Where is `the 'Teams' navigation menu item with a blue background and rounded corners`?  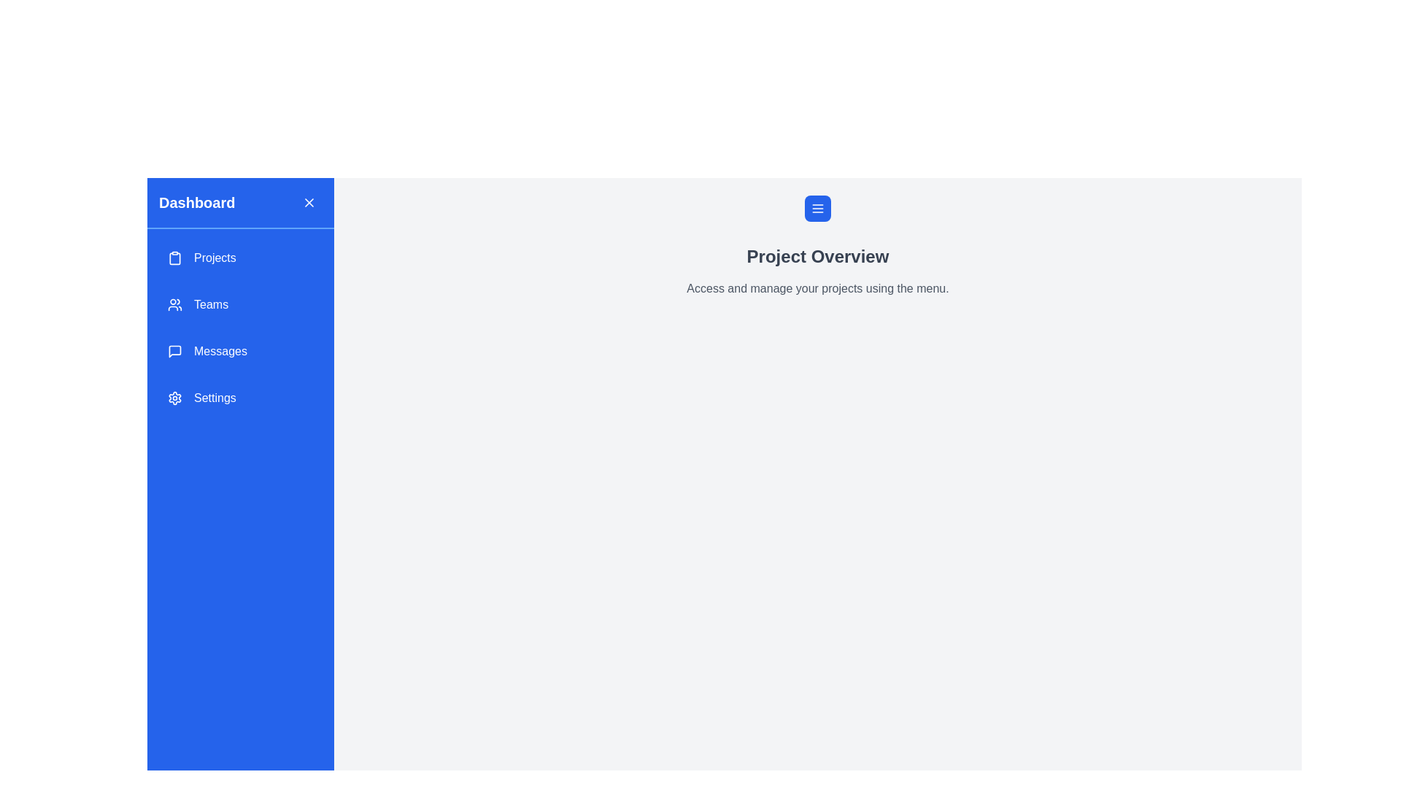 the 'Teams' navigation menu item with a blue background and rounded corners is located at coordinates (241, 304).